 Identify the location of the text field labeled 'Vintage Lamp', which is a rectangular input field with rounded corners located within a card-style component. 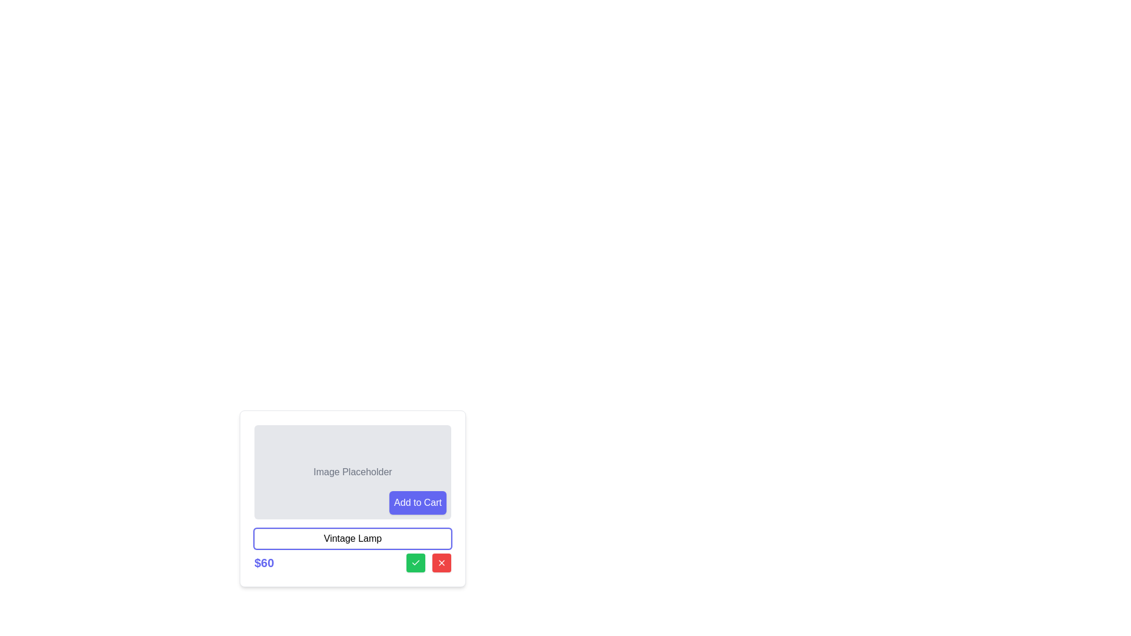
(352, 538).